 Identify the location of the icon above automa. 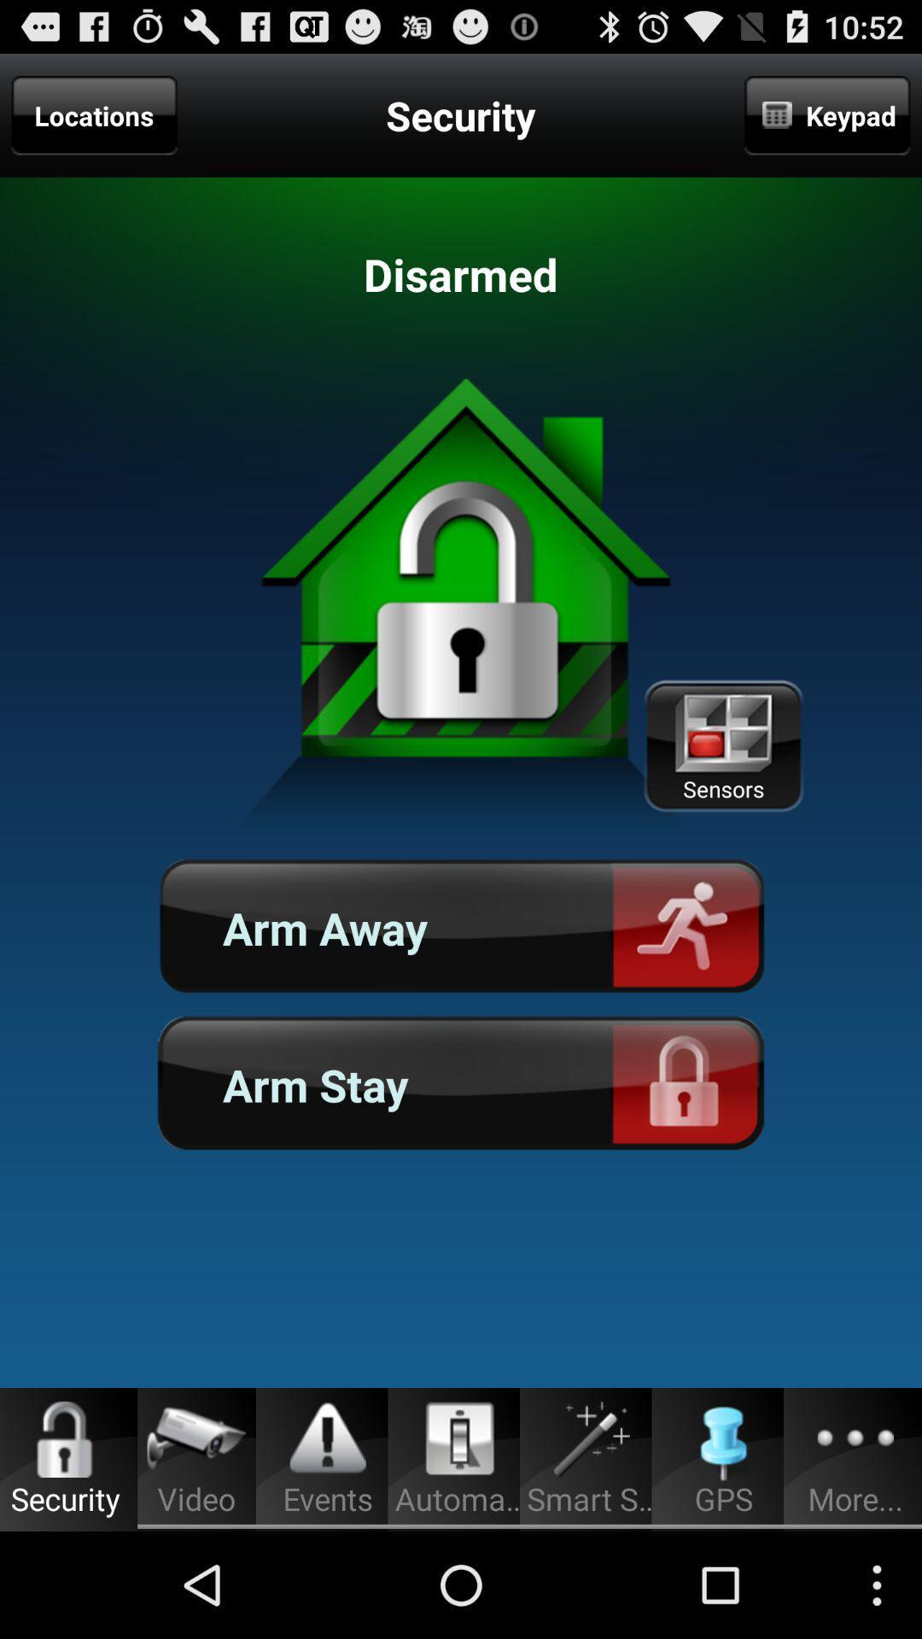
(459, 1438).